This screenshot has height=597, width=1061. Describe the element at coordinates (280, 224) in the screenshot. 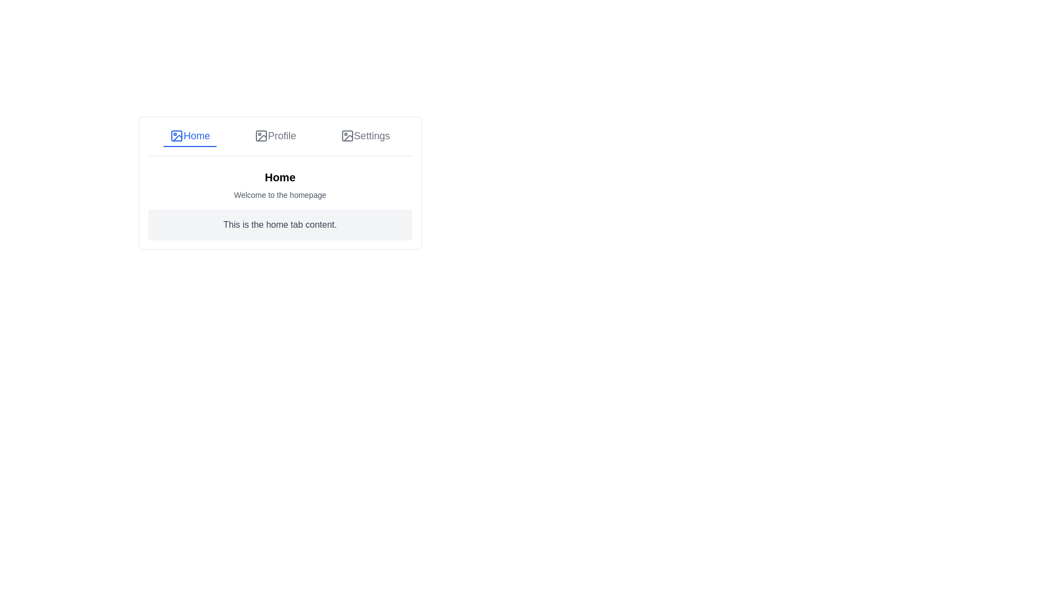

I see `the text block displaying 'This is the home tab content.' which is styled with rounded corners and a light gray background` at that location.